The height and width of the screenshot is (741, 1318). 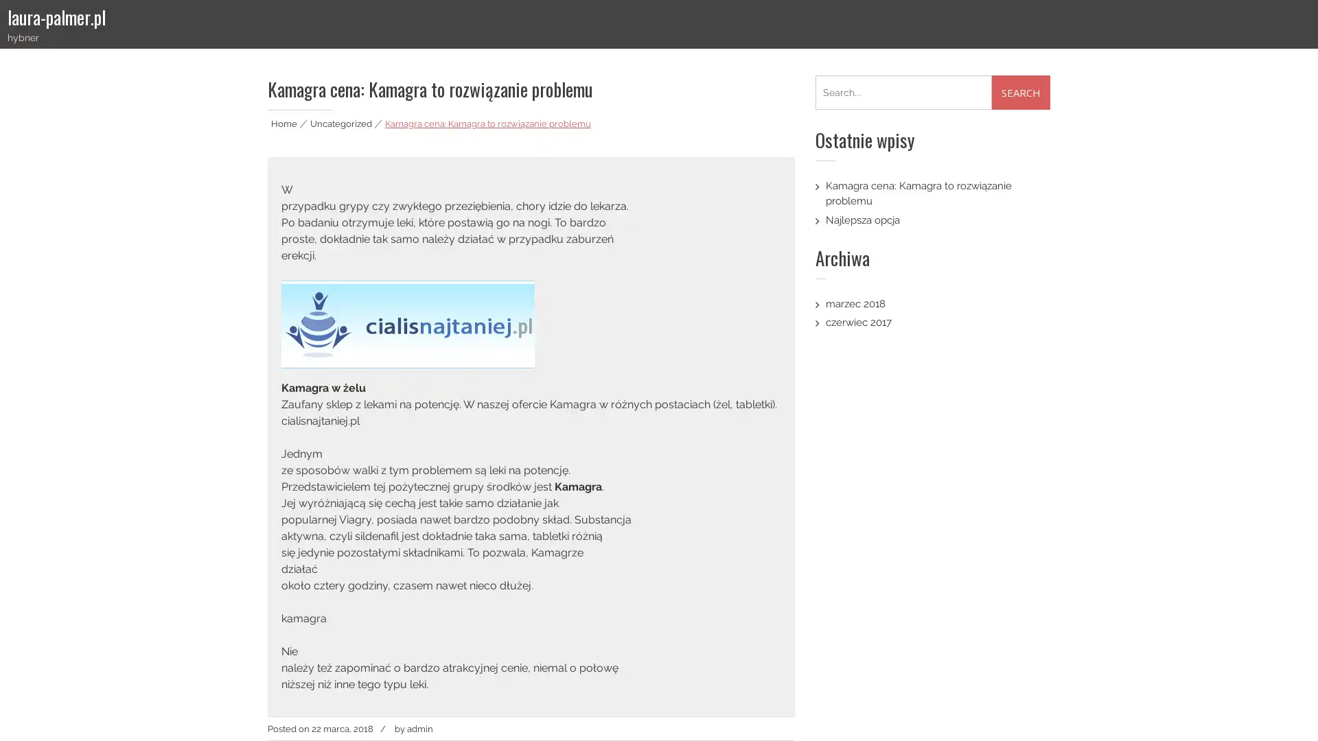 What do you see at coordinates (1021, 93) in the screenshot?
I see `Search` at bounding box center [1021, 93].